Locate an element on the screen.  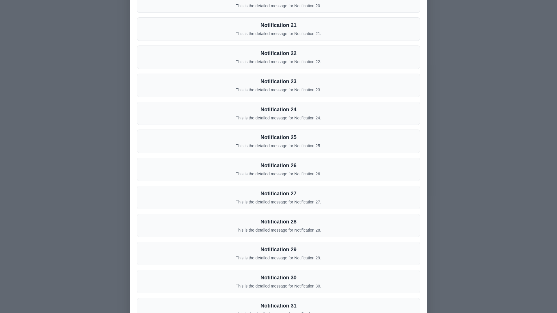
the background overlay to close the dialog is located at coordinates (278, 156).